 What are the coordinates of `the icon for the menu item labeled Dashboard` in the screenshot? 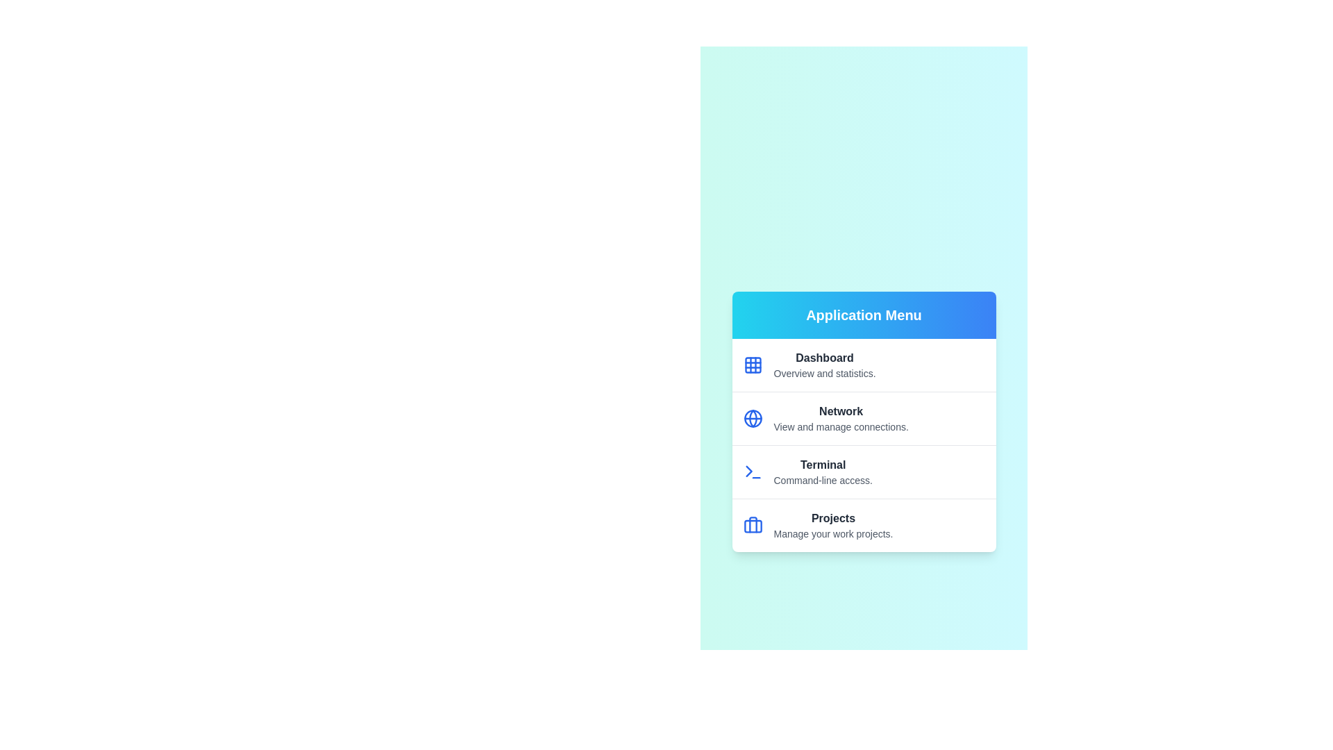 It's located at (752, 364).